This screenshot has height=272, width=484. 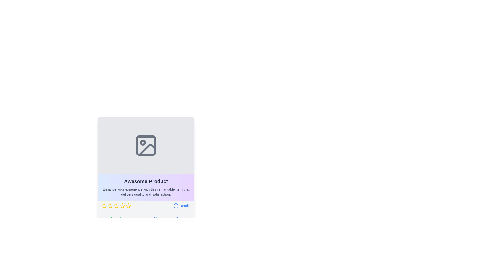 What do you see at coordinates (128, 206) in the screenshot?
I see `the fifth star-shaped yellow rating icon in the horizontal sequence of stars used for rating purposes` at bounding box center [128, 206].